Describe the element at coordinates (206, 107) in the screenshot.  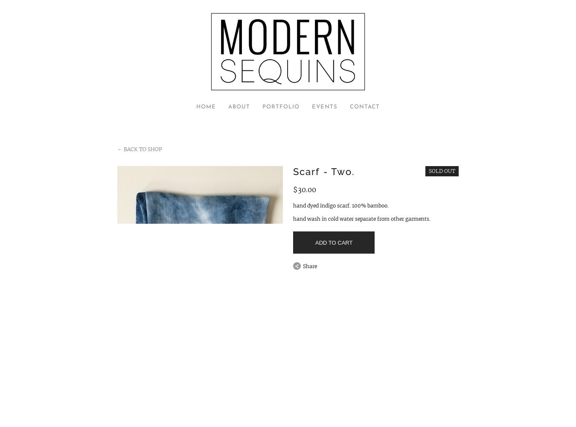
I see `'Home'` at that location.